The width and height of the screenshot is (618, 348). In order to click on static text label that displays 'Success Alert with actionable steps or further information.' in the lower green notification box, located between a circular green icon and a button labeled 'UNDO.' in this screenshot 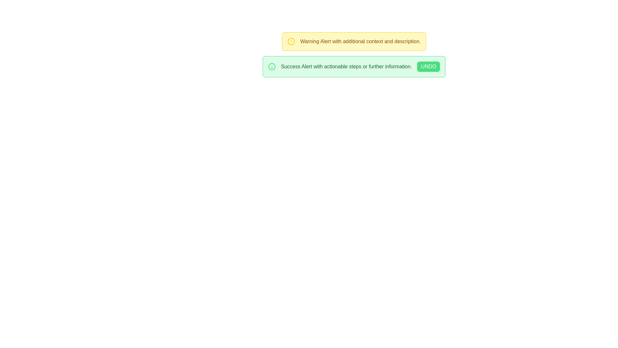, I will do `click(346, 67)`.